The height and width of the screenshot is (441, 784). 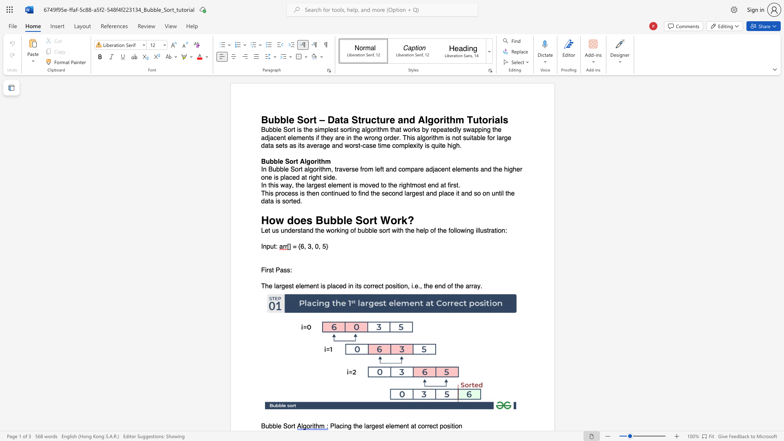 What do you see at coordinates (263, 270) in the screenshot?
I see `the 1th character "F" in the text` at bounding box center [263, 270].